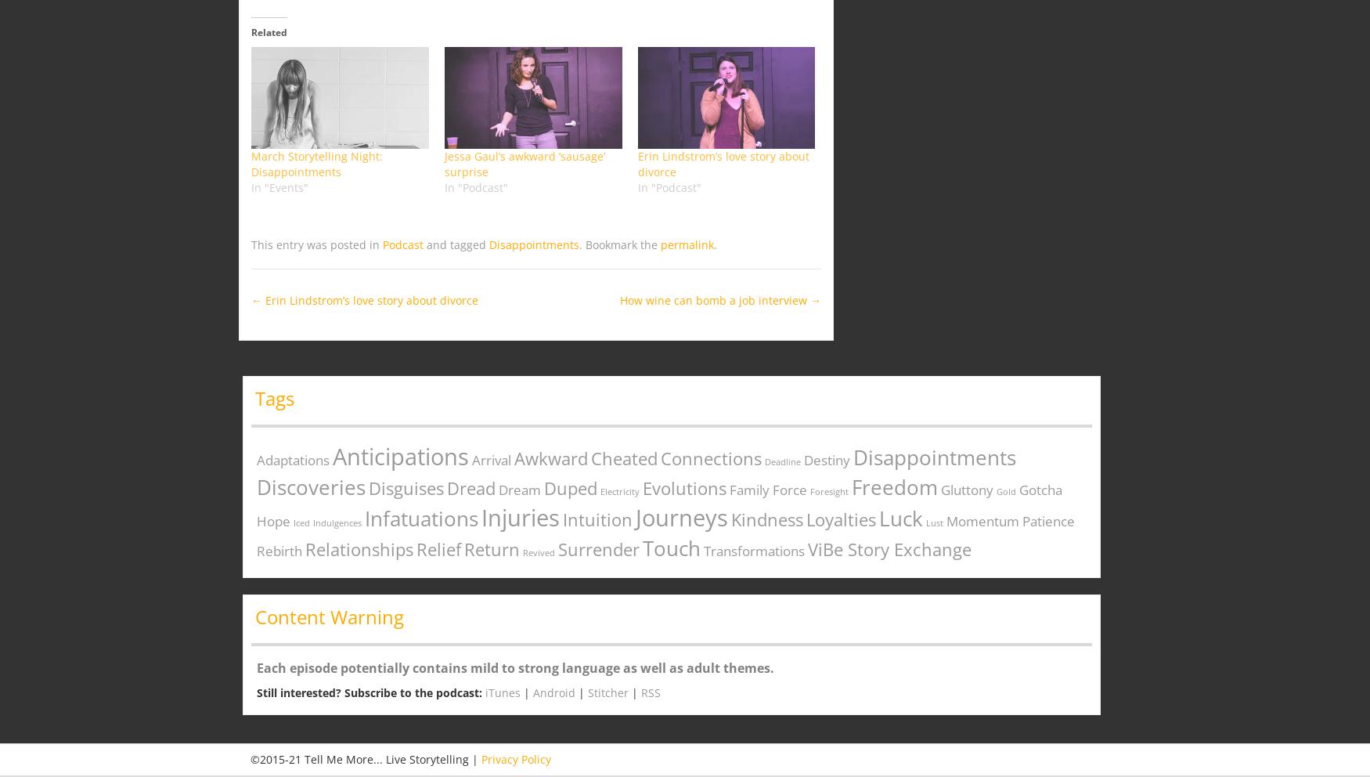 The height and width of the screenshot is (777, 1370). What do you see at coordinates (900, 518) in the screenshot?
I see `'Luck'` at bounding box center [900, 518].